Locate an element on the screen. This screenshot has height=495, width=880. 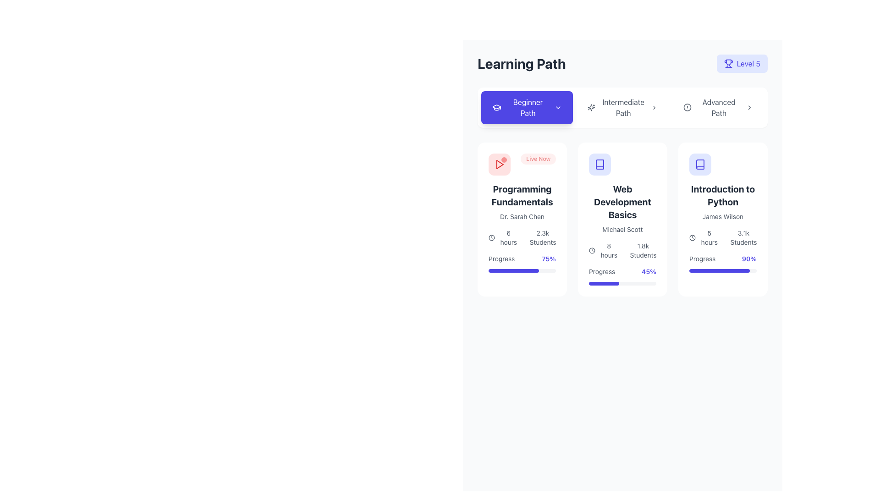
the text label displaying '5 hours' with a clock icon, located near the bottom of the third card 'Introduction to Python' in the grid layout is located at coordinates (704, 237).